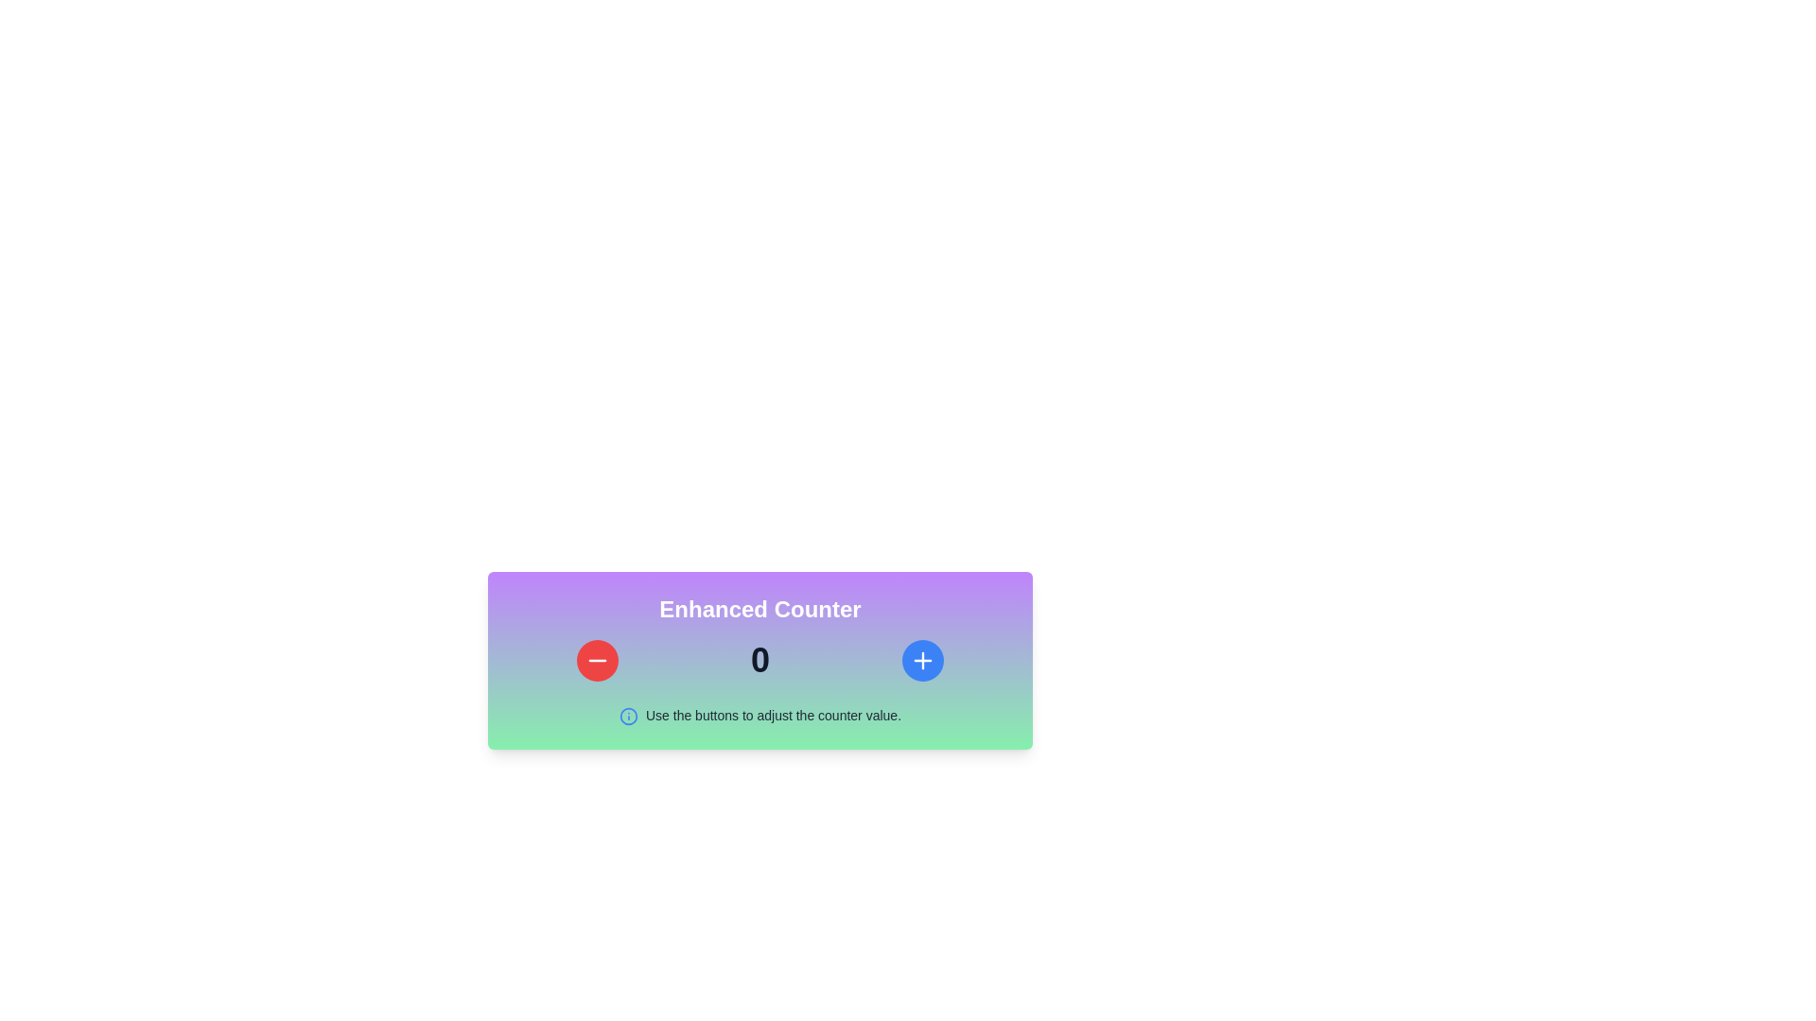 This screenshot has width=1816, height=1021. I want to click on the prominent blue circular button with a white plus sign (+) icon to observe its hover effect, which changes its color to a slightly darker shade, so click(922, 659).